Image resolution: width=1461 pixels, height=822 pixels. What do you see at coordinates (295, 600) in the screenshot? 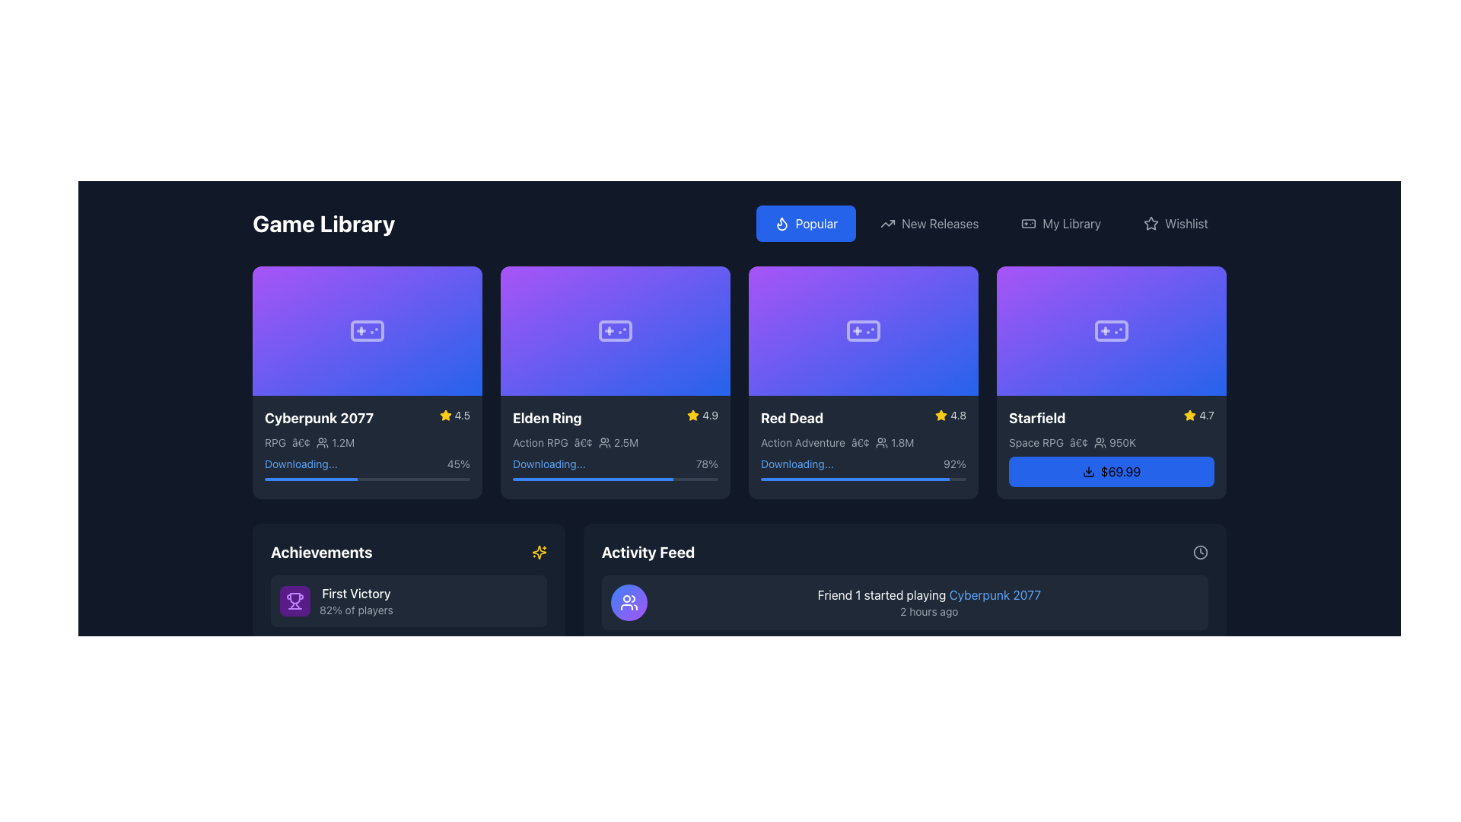
I see `the achievement icon located in the 'Achievements' section, which is a decorative symbol with a purple background, centrally aligned above the achievement text` at bounding box center [295, 600].